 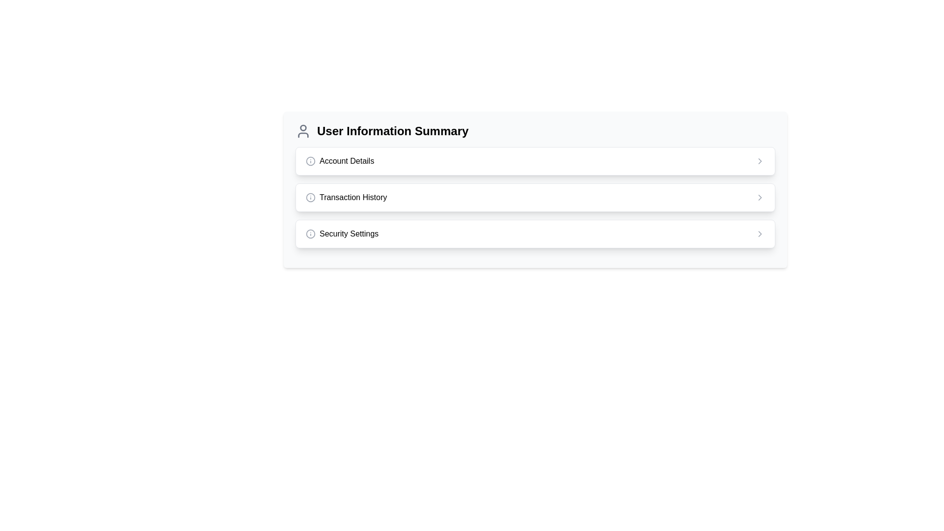 What do you see at coordinates (310, 160) in the screenshot?
I see `attributes of the icon with a circular border and an exclamation mark, located to the left of 'Account Details' in the vertical list of sections, using developer tools` at bounding box center [310, 160].